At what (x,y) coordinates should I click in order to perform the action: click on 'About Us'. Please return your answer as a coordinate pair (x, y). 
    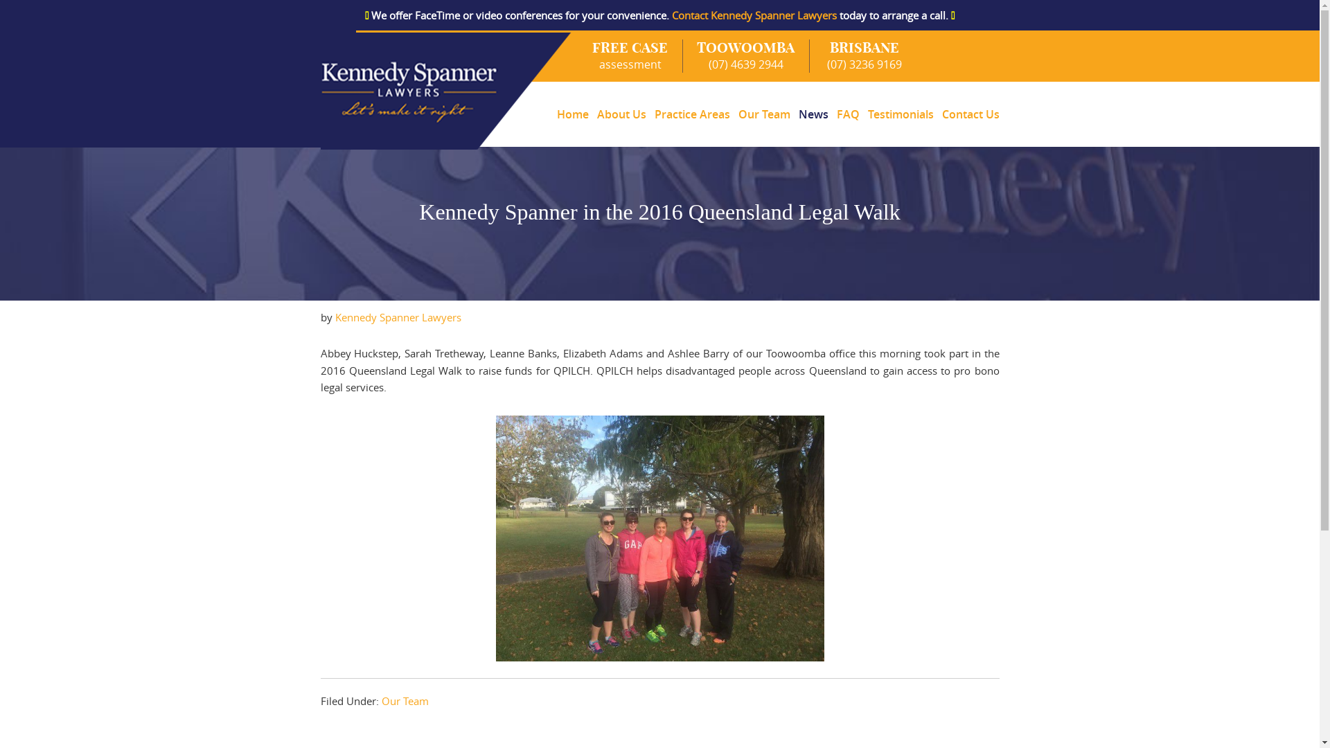
    Looking at the image, I should click on (621, 114).